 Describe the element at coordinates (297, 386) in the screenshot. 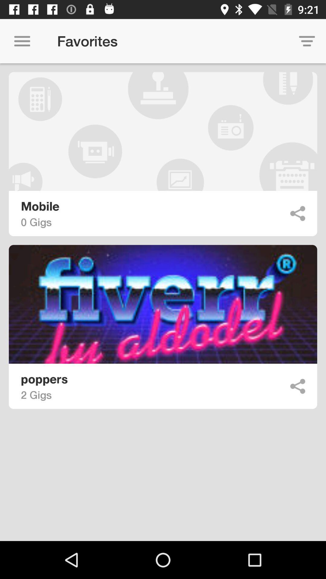

I see `share the article` at that location.